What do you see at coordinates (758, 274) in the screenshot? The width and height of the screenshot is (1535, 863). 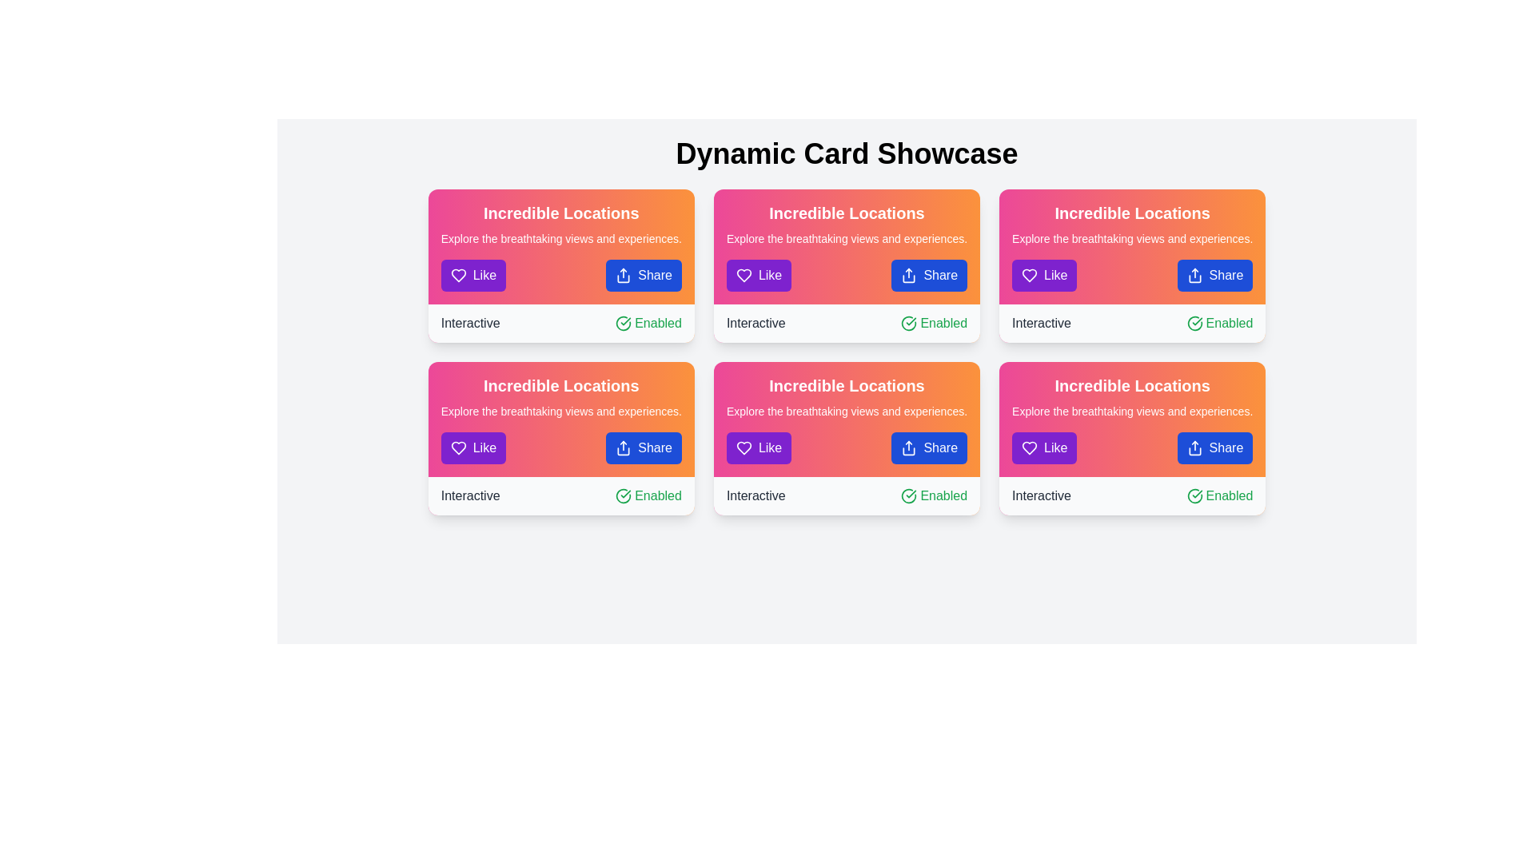 I see `the like button located on the second card in the top row of the layout grid, positioned to the left of the 'Share' button, below the title 'Incredible Locations'` at bounding box center [758, 274].